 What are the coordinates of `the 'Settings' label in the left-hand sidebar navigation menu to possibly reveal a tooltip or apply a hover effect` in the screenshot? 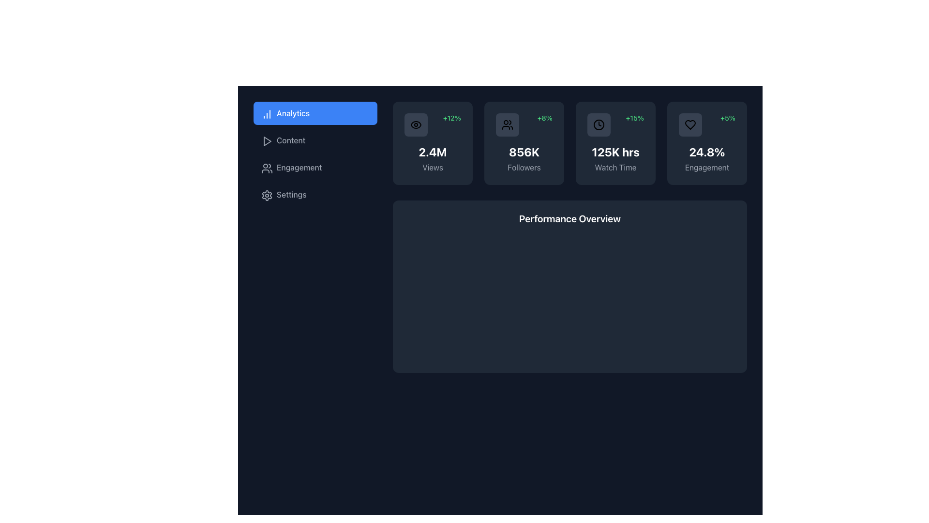 It's located at (291, 194).